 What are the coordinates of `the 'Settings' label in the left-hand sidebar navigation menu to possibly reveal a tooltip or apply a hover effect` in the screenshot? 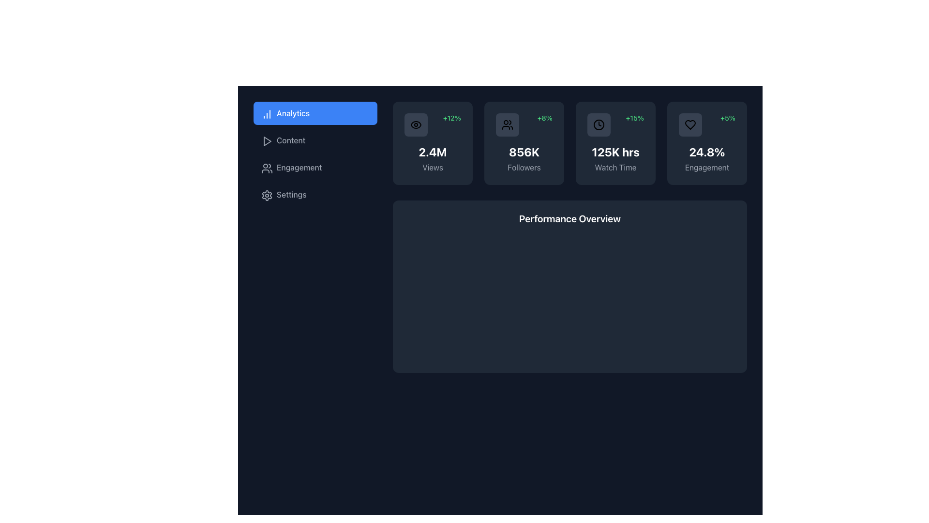 It's located at (291, 194).